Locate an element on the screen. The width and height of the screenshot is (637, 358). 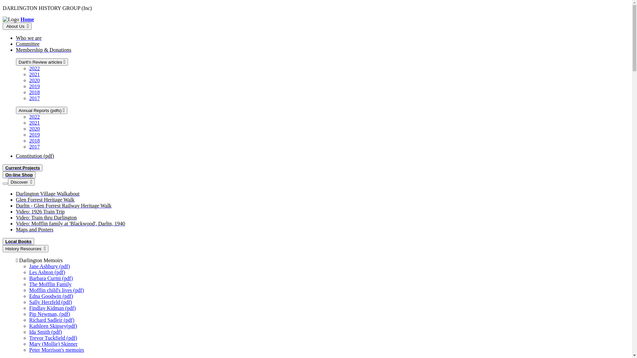
'Who we are' is located at coordinates (16, 38).